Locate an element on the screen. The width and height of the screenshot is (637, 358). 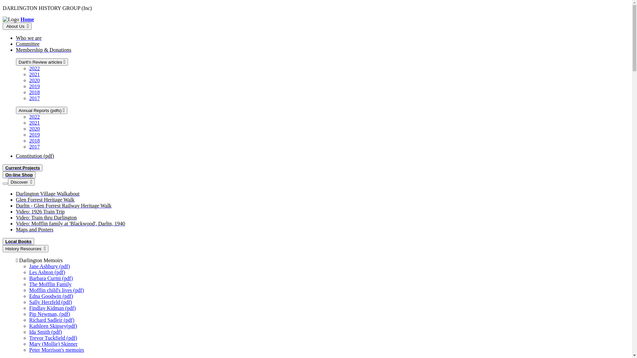
'Who we are' is located at coordinates (16, 38).